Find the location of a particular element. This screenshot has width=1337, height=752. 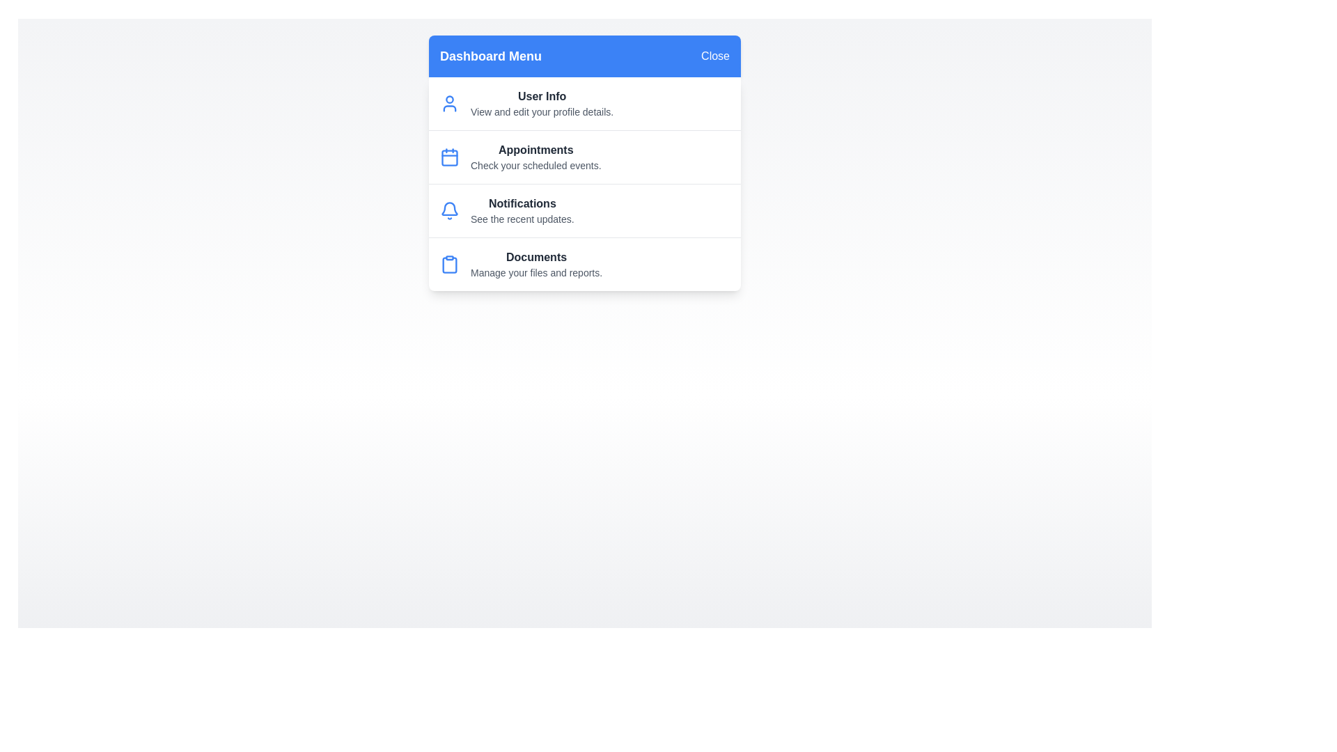

the menu item Appointments to view its details is located at coordinates (450, 157).